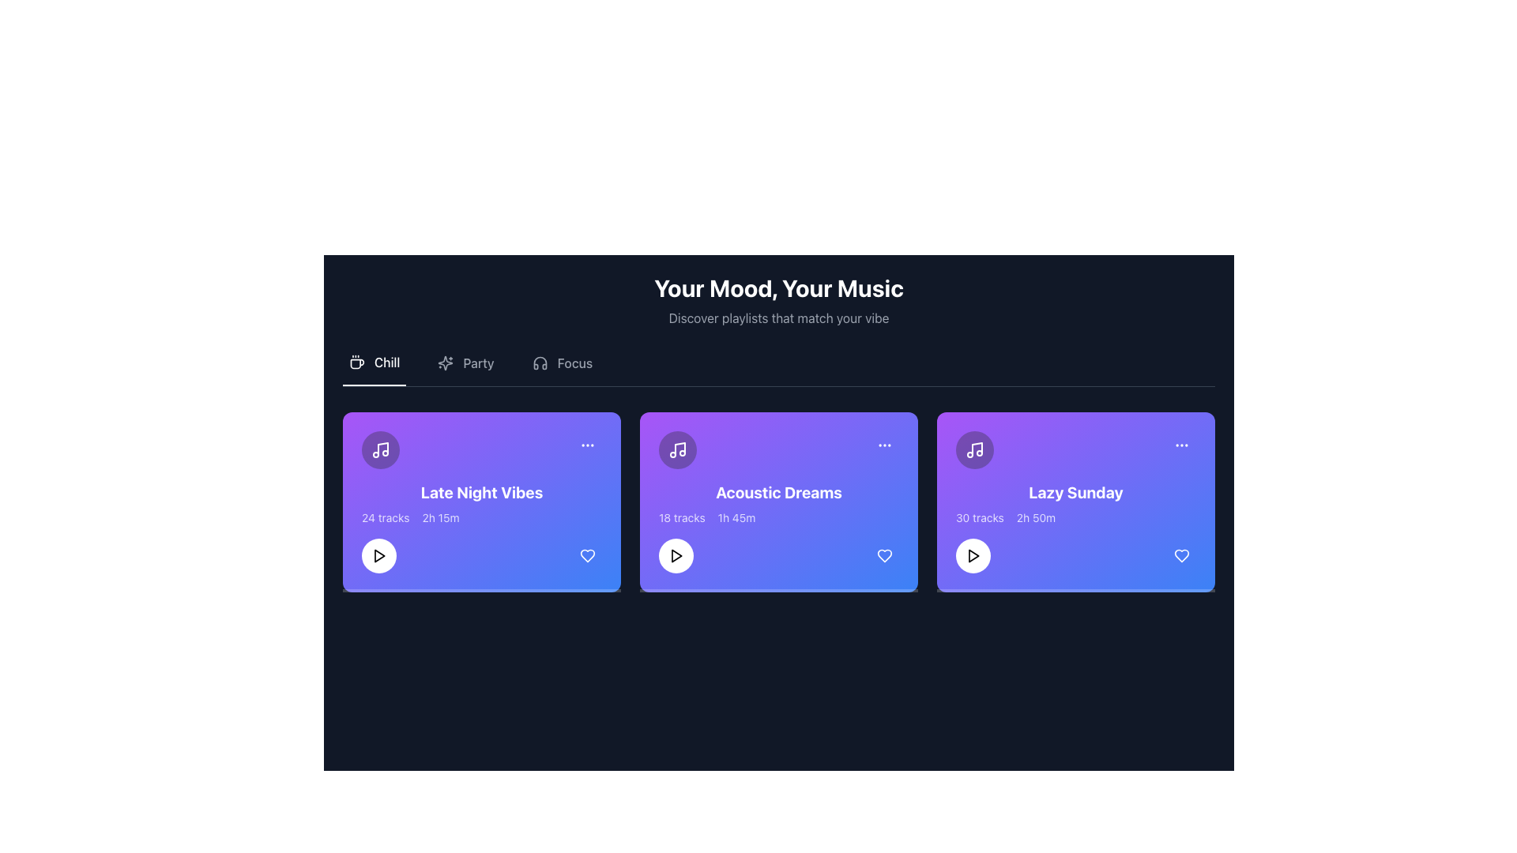 This screenshot has height=853, width=1517. I want to click on styling of the text label indicating the number of tracks in the 'Acoustic Dreams' playlist, located in the middle column above the duration label, so click(682, 517).